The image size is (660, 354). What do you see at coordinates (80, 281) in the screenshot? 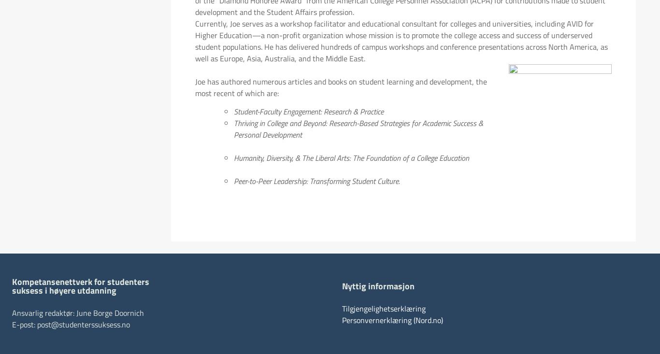
I see `'Kompetansenettverk for studenters'` at bounding box center [80, 281].